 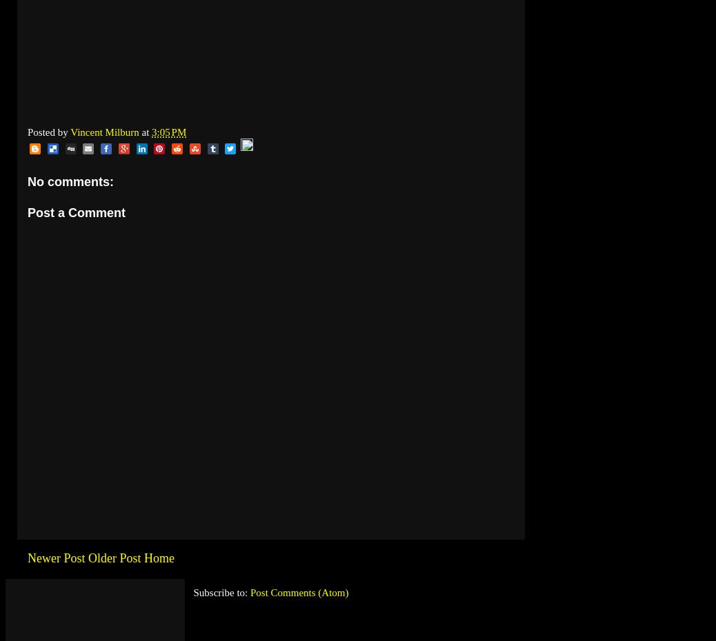 What do you see at coordinates (75, 213) in the screenshot?
I see `'Post a Comment'` at bounding box center [75, 213].